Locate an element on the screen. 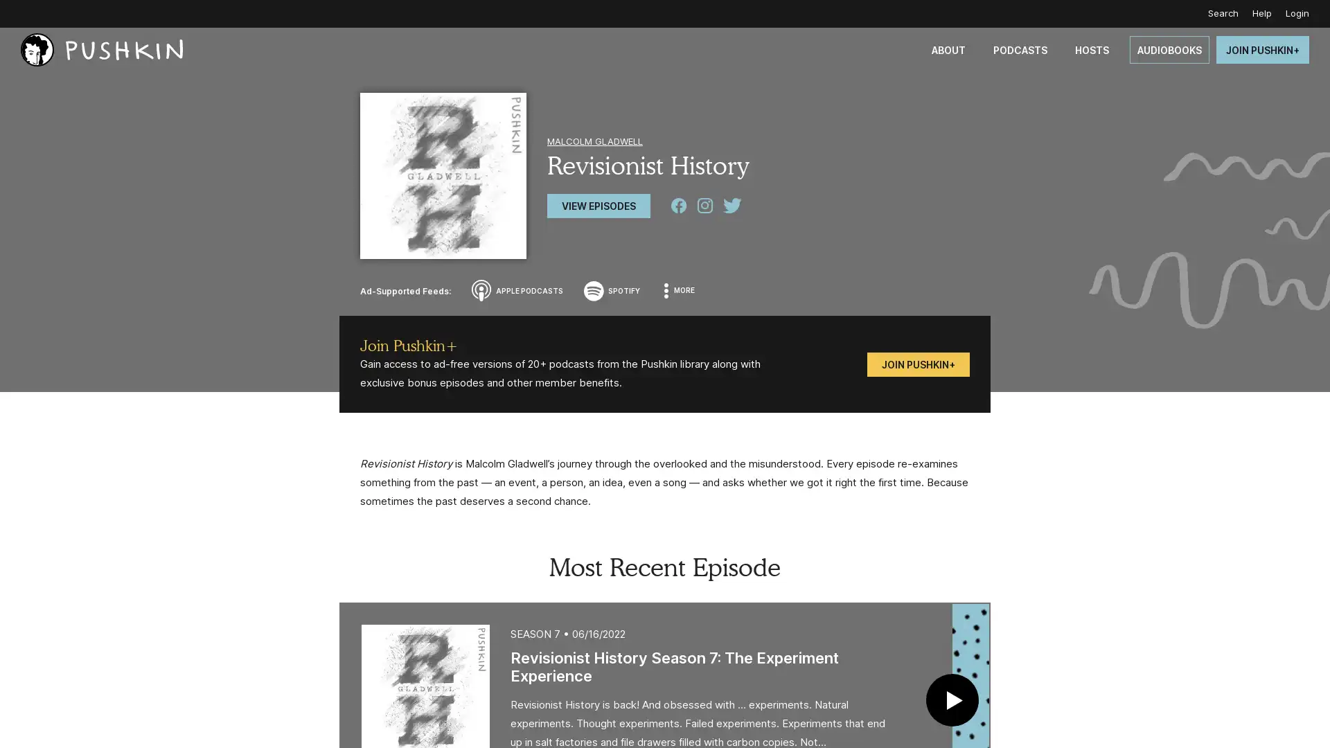 The width and height of the screenshot is (1330, 748). MORE is located at coordinates (680, 290).